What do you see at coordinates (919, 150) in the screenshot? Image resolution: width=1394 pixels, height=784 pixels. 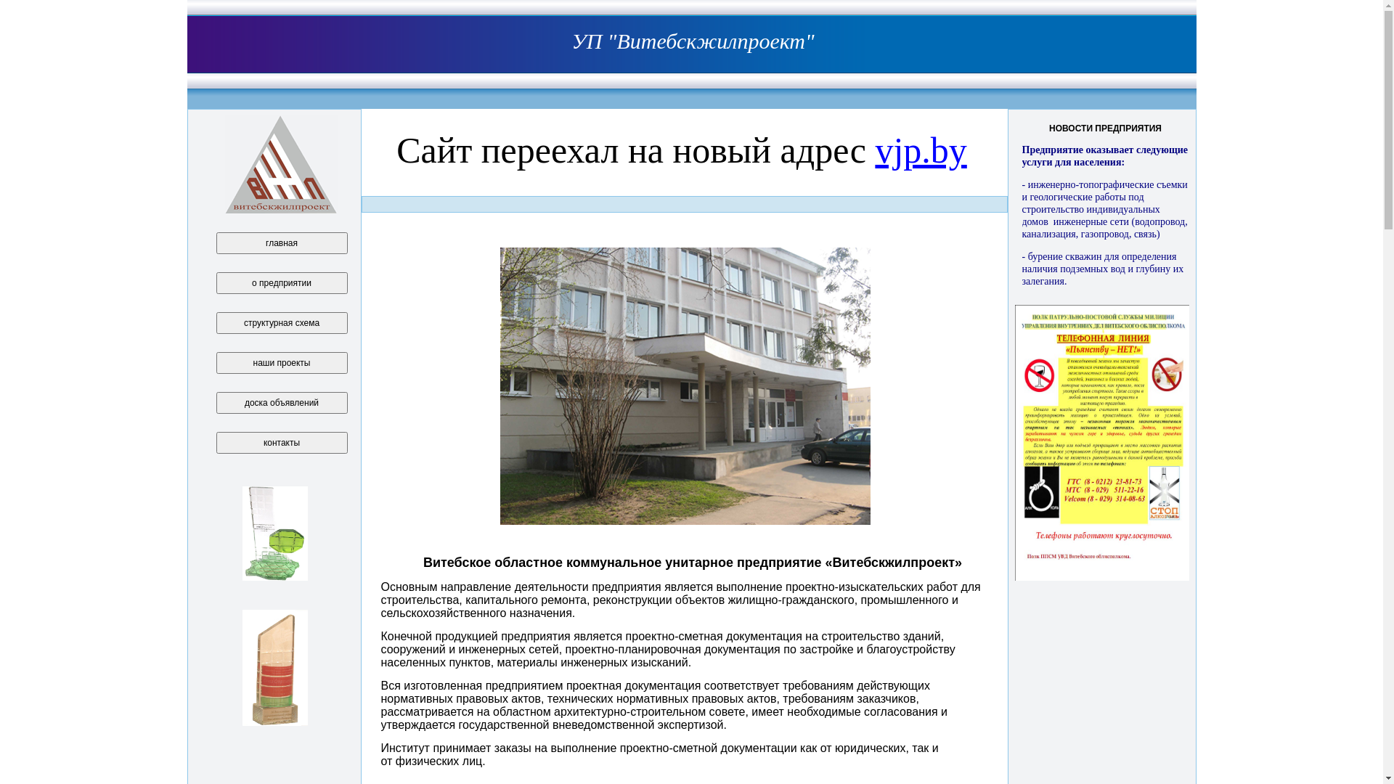 I see `'vjp.by'` at bounding box center [919, 150].